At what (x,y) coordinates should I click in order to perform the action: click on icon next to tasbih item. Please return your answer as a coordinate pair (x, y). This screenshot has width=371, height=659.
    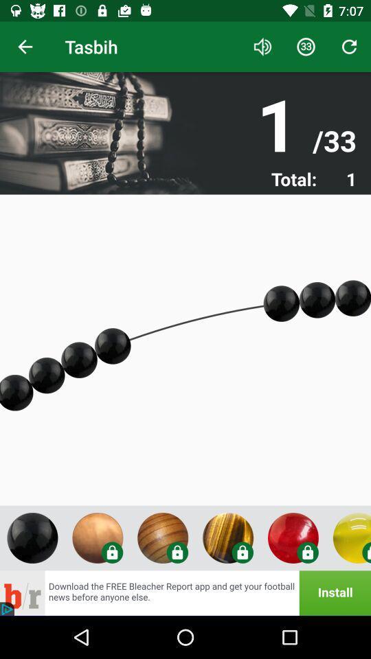
    Looking at the image, I should click on (262, 47).